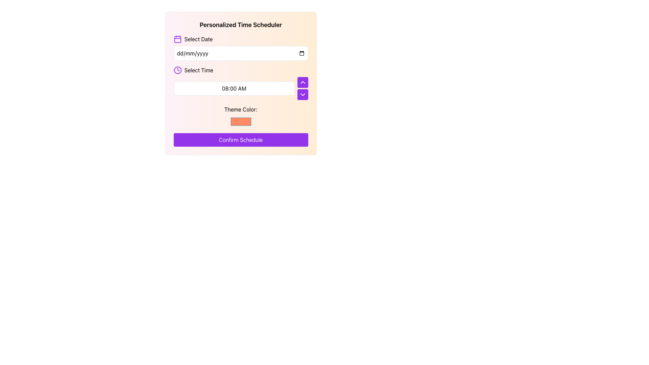 Image resolution: width=649 pixels, height=365 pixels. I want to click on the finalize button located at the bottom of the scheduling interface panel, so click(241, 139).